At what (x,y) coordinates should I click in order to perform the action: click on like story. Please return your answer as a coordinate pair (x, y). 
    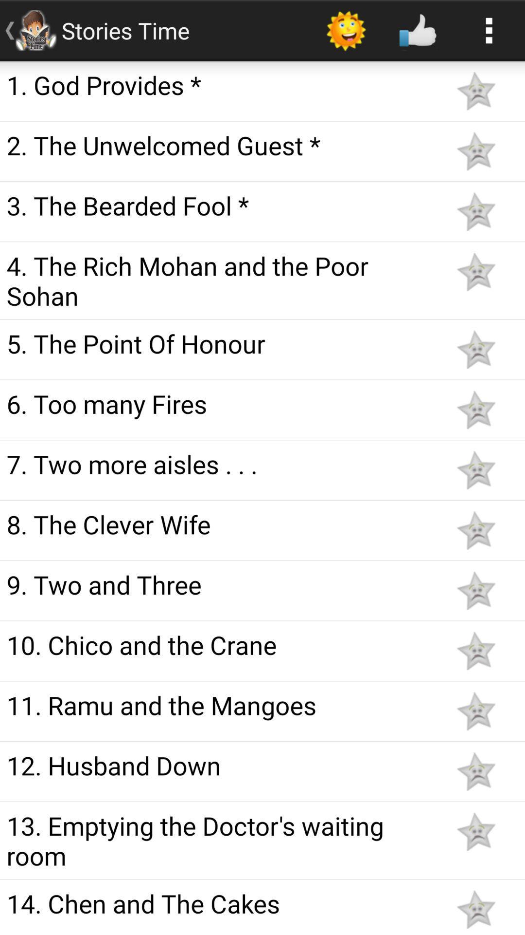
    Looking at the image, I should click on (475, 410).